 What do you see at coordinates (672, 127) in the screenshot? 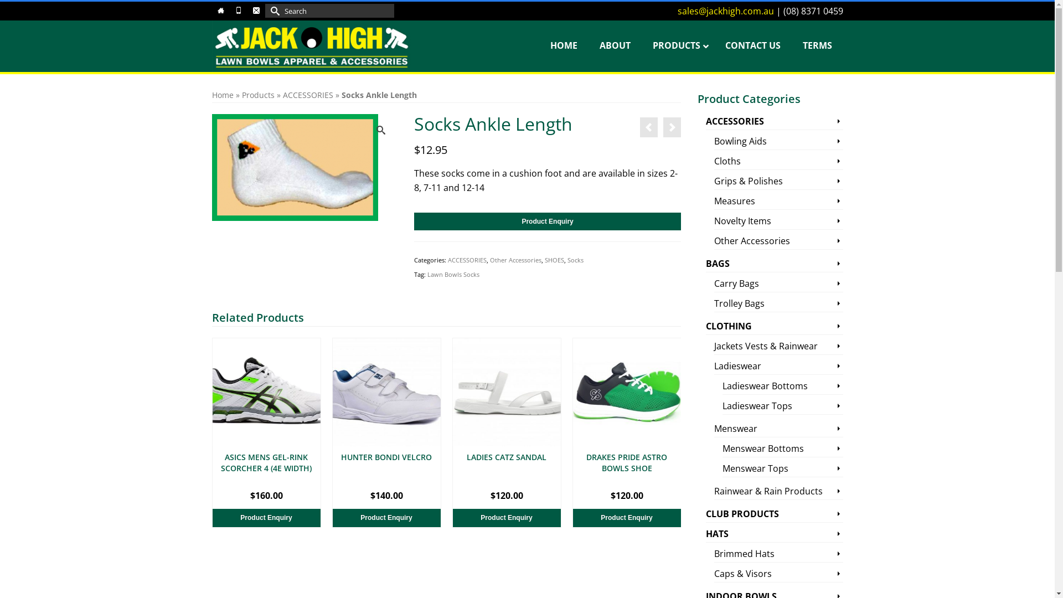
I see `'Socks Footlet'` at bounding box center [672, 127].